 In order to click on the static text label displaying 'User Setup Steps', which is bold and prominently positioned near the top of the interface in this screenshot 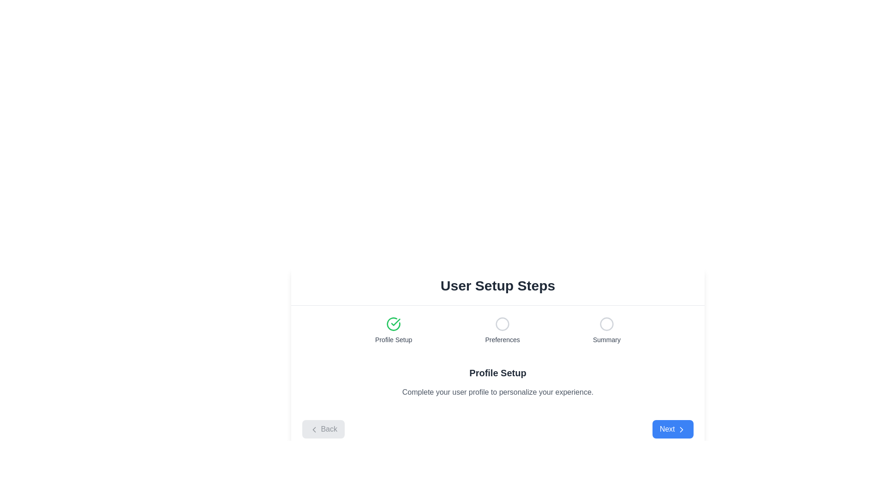, I will do `click(497, 285)`.